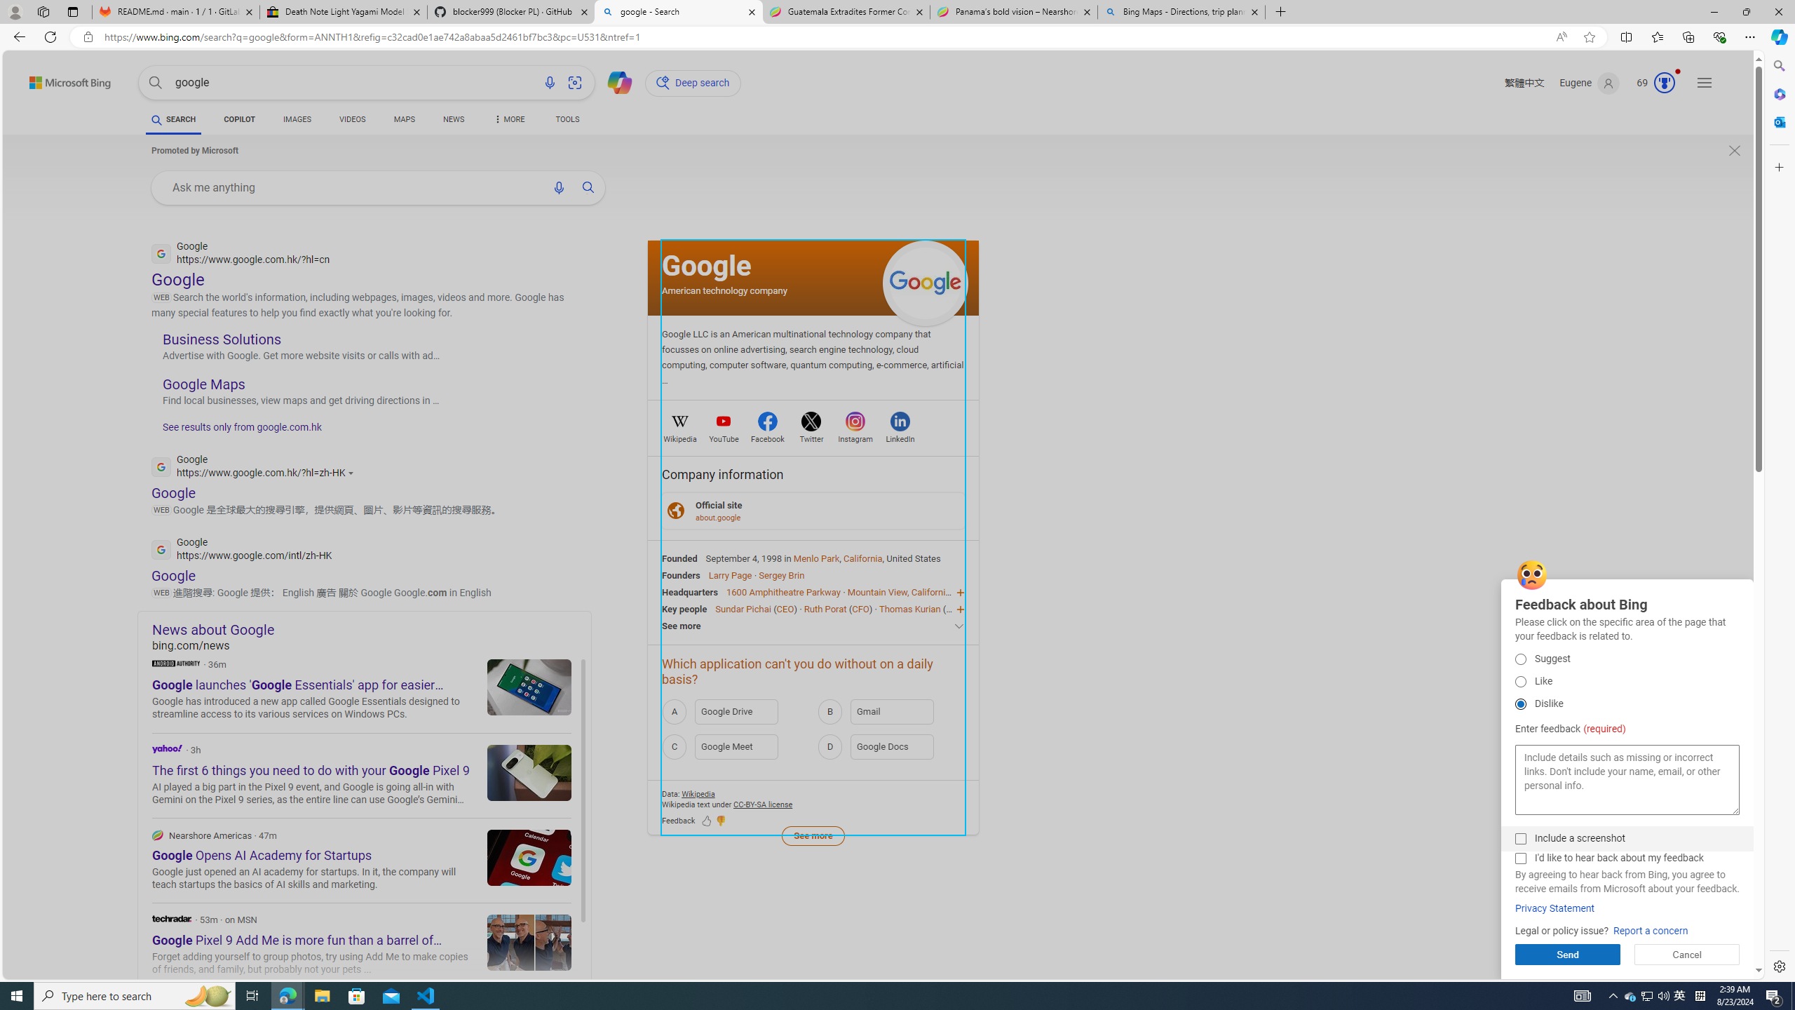  Describe the element at coordinates (1554, 908) in the screenshot. I see `'Privacy Statement'` at that location.